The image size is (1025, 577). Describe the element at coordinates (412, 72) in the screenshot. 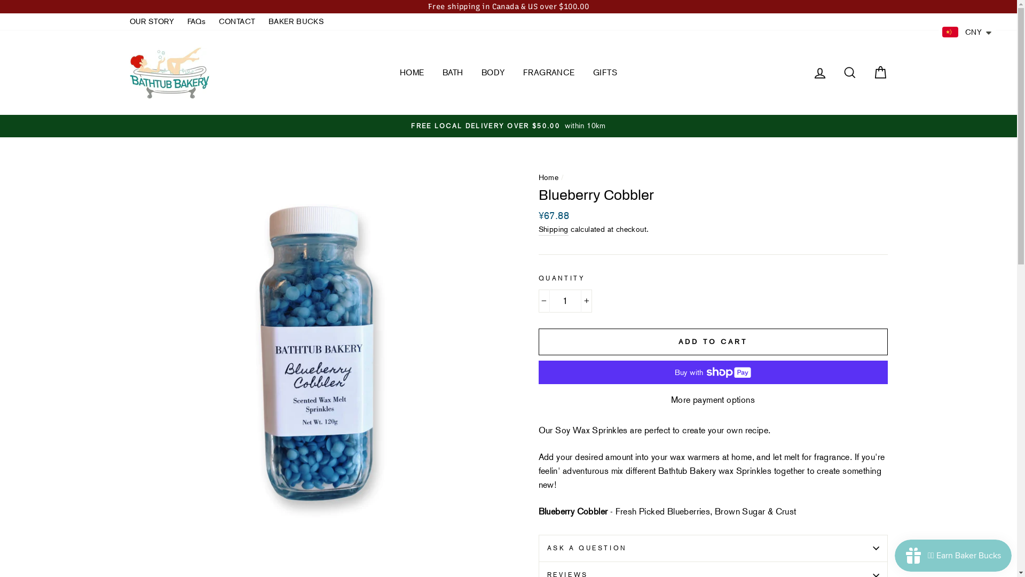

I see `'HOME'` at that location.